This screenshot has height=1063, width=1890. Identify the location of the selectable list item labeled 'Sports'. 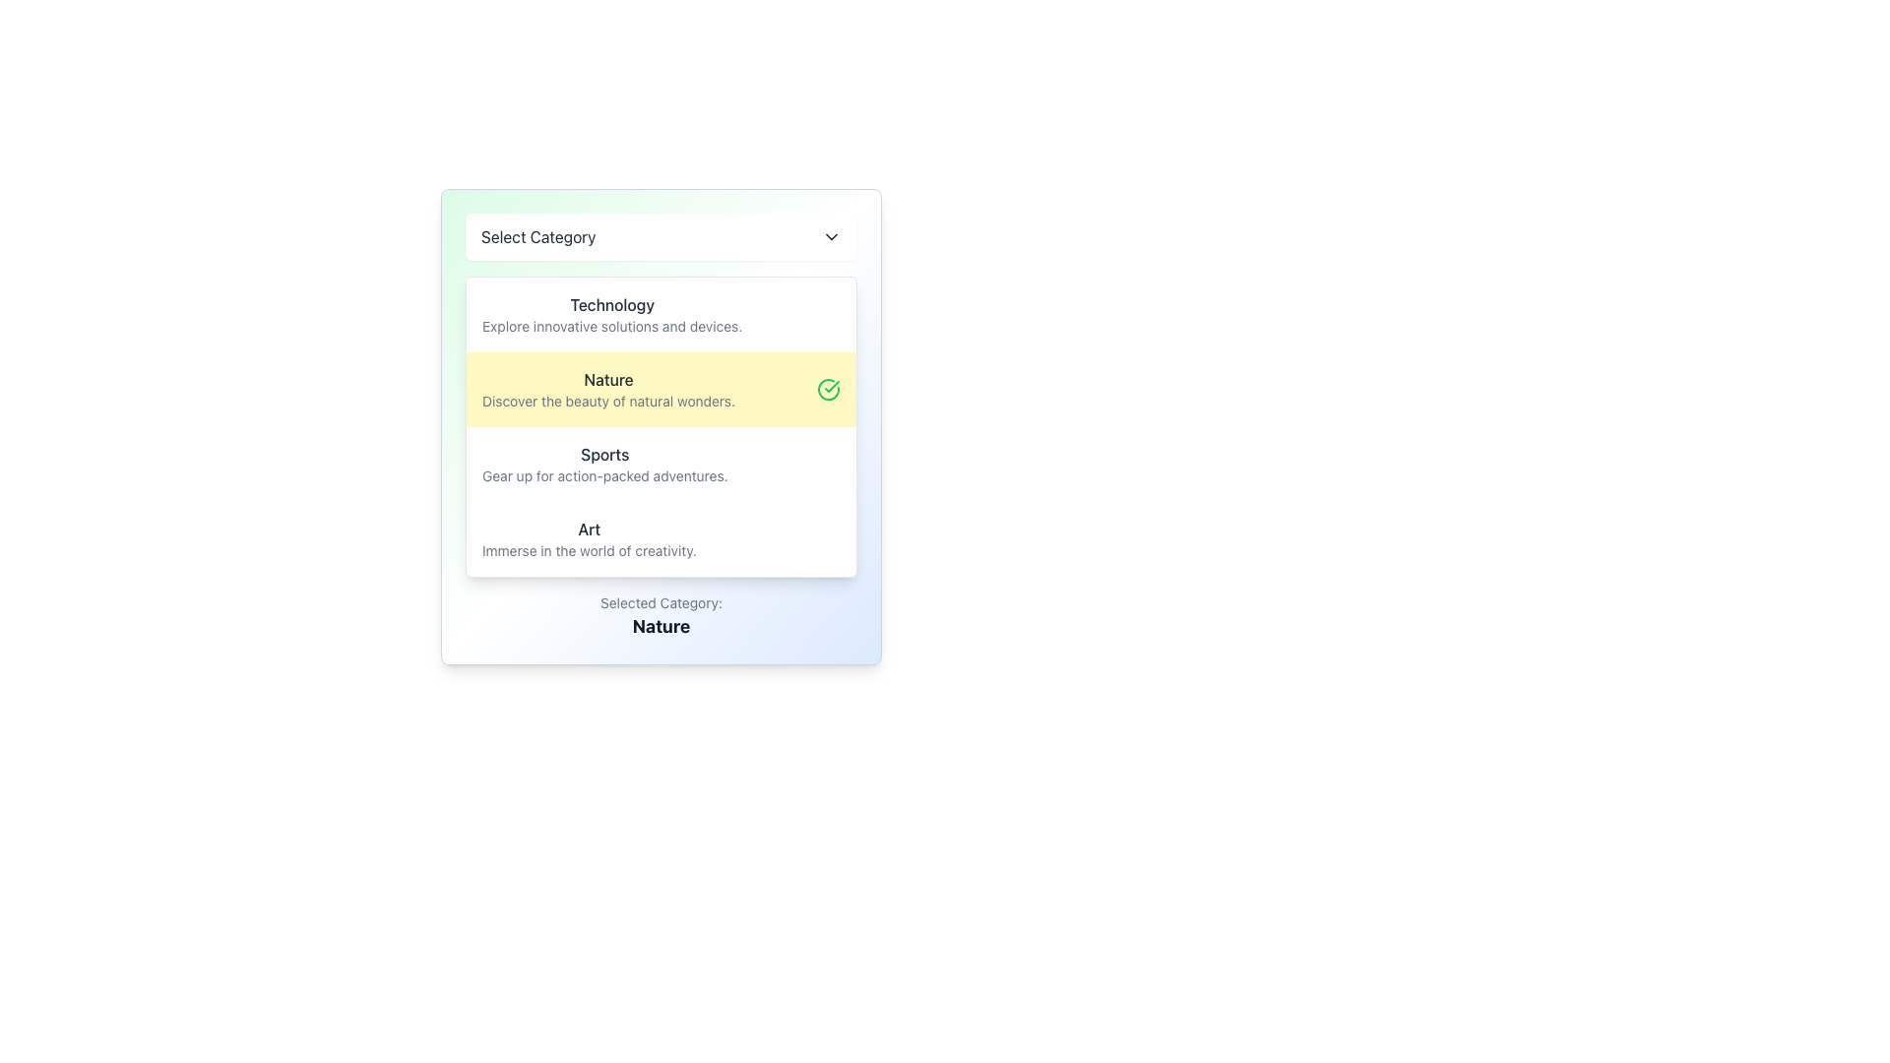
(661, 464).